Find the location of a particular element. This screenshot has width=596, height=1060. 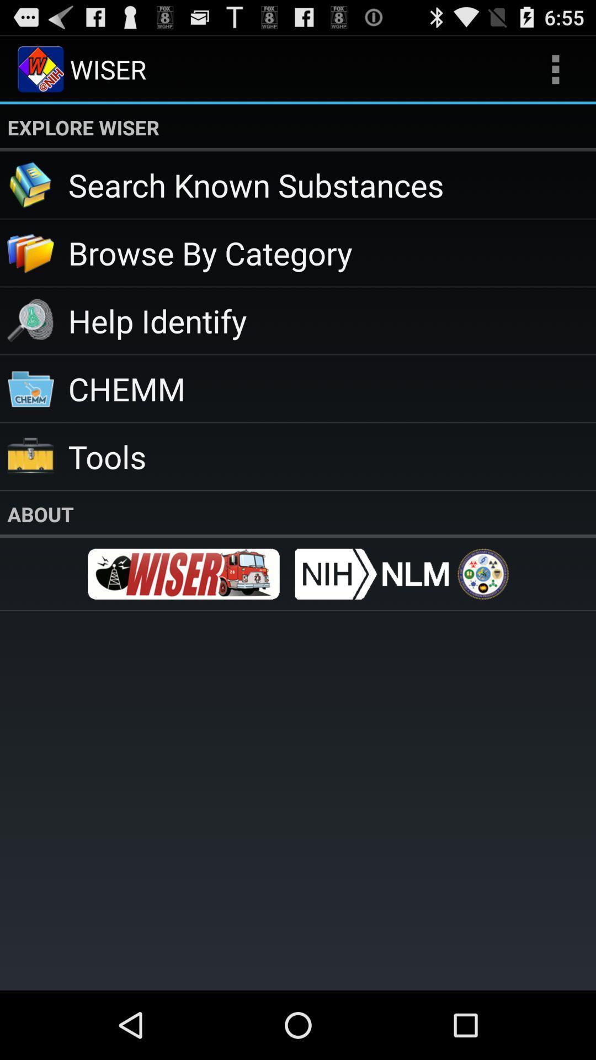

the chemm is located at coordinates (331, 388).